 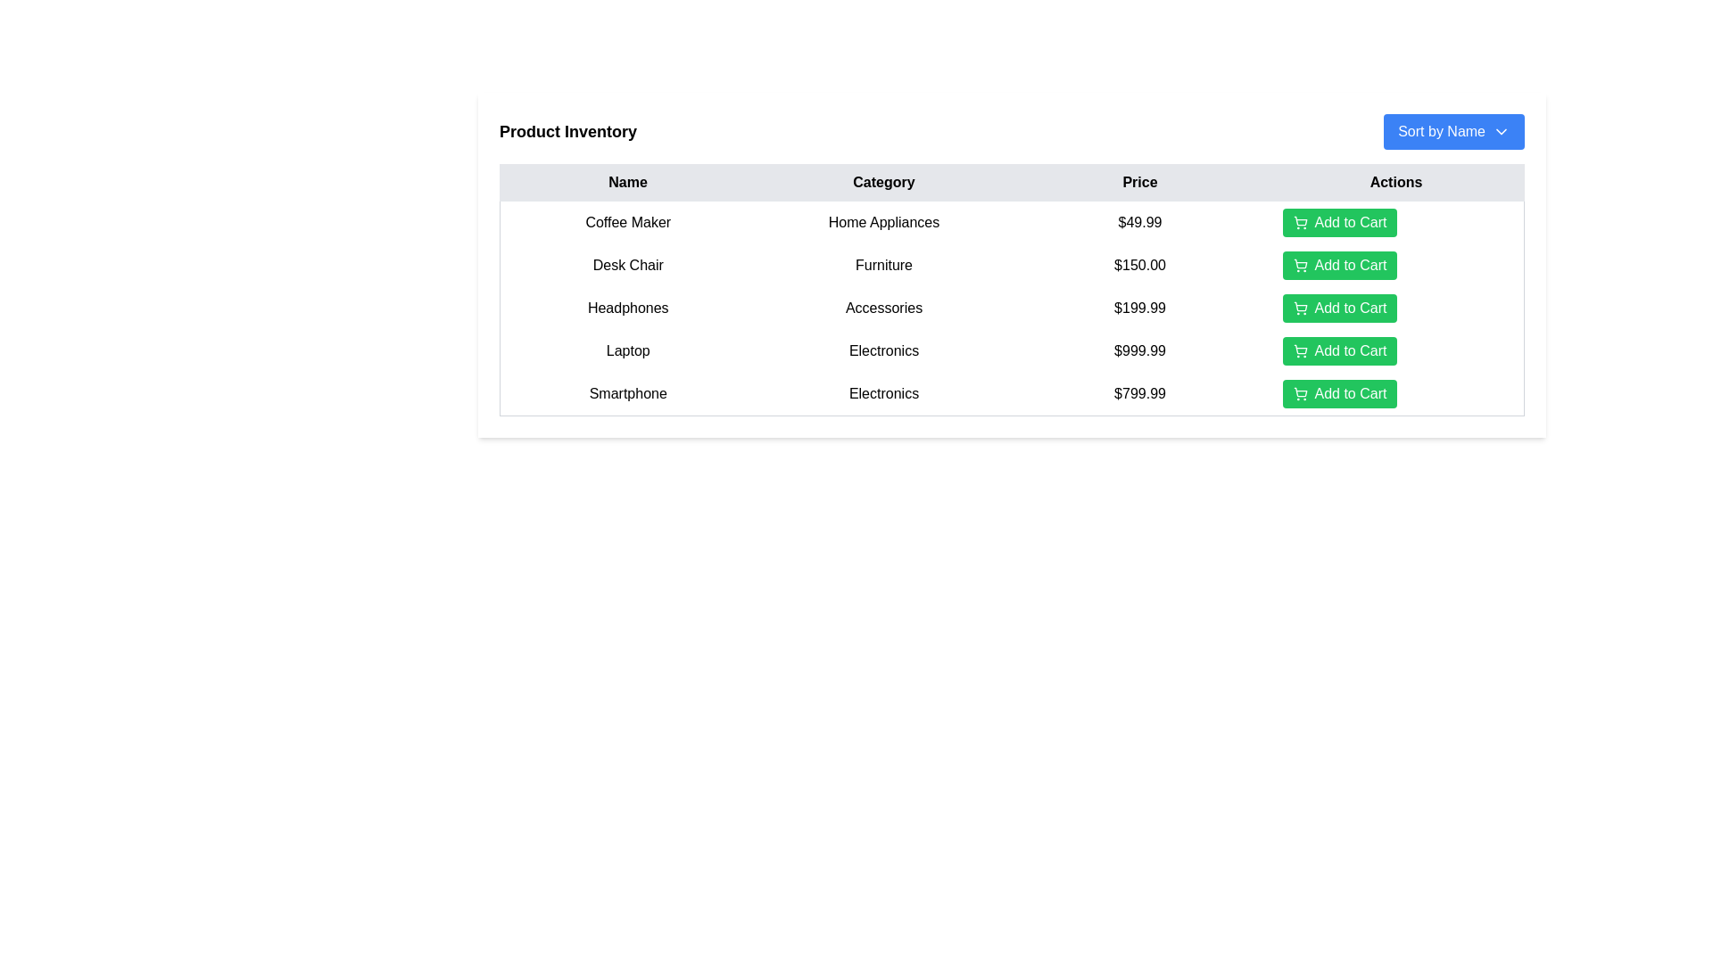 I want to click on the 'Add to Cart' icon located on the left side of the 'Add to Cart' button for the first item in the 'Actions' column of the table, so click(x=1300, y=222).